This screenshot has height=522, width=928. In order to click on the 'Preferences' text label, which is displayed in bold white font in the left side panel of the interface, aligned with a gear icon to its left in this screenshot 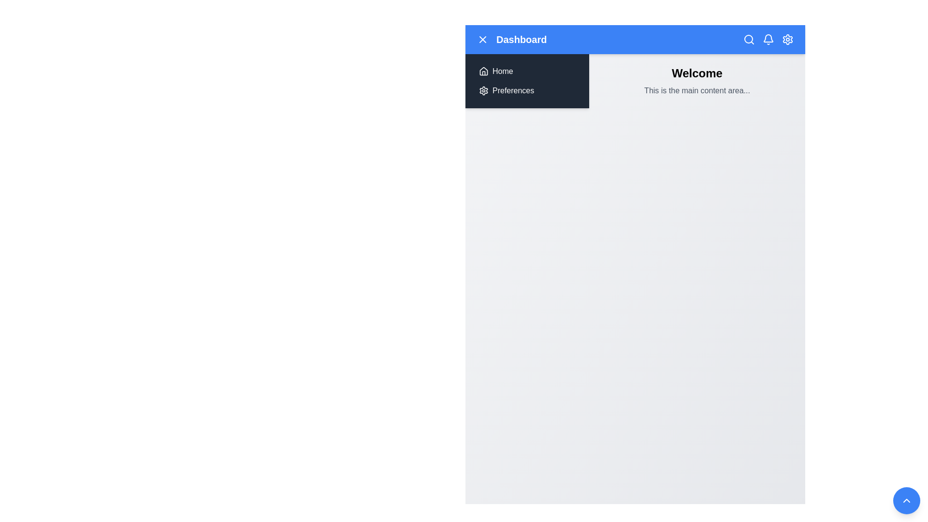, I will do `click(513, 91)`.